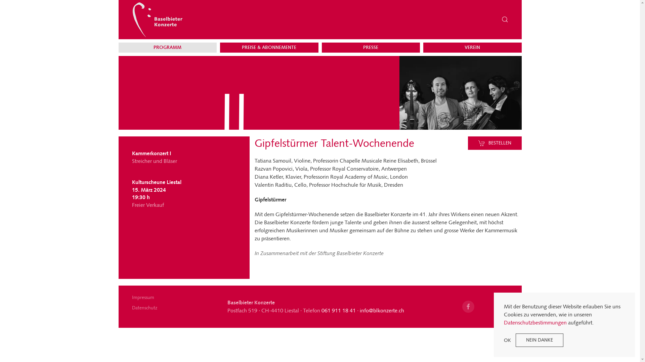 This screenshot has width=645, height=362. I want to click on 'NEIN DANKE', so click(540, 340).